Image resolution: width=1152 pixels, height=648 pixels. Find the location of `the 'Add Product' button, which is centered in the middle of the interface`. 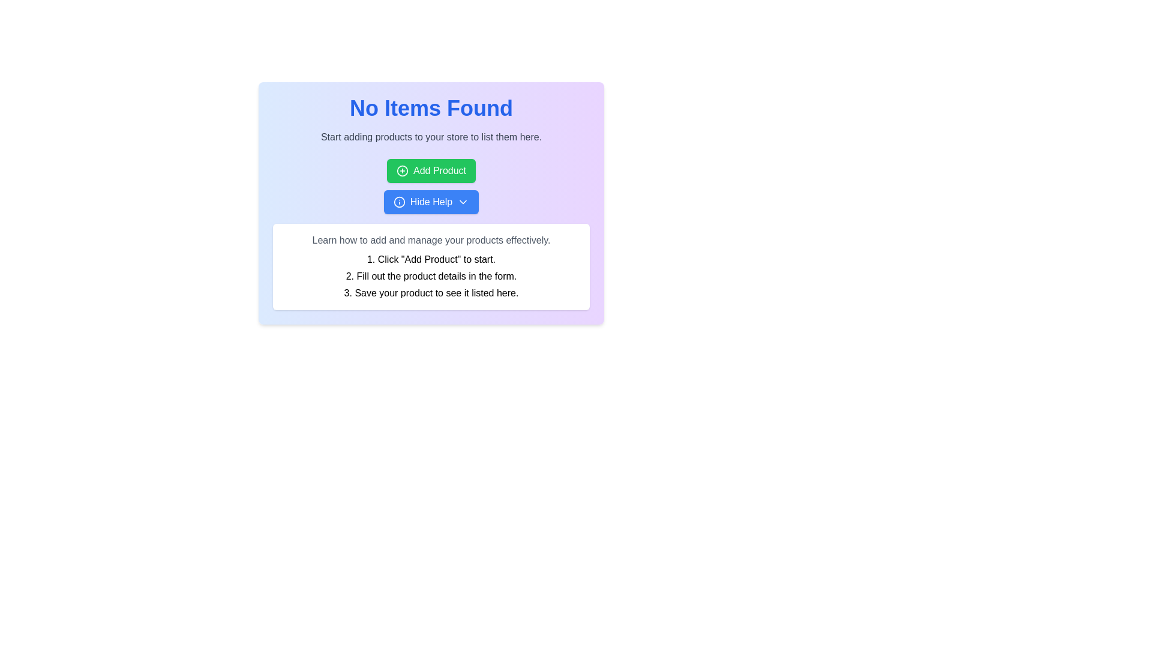

the 'Add Product' button, which is centered in the middle of the interface is located at coordinates (431, 171).